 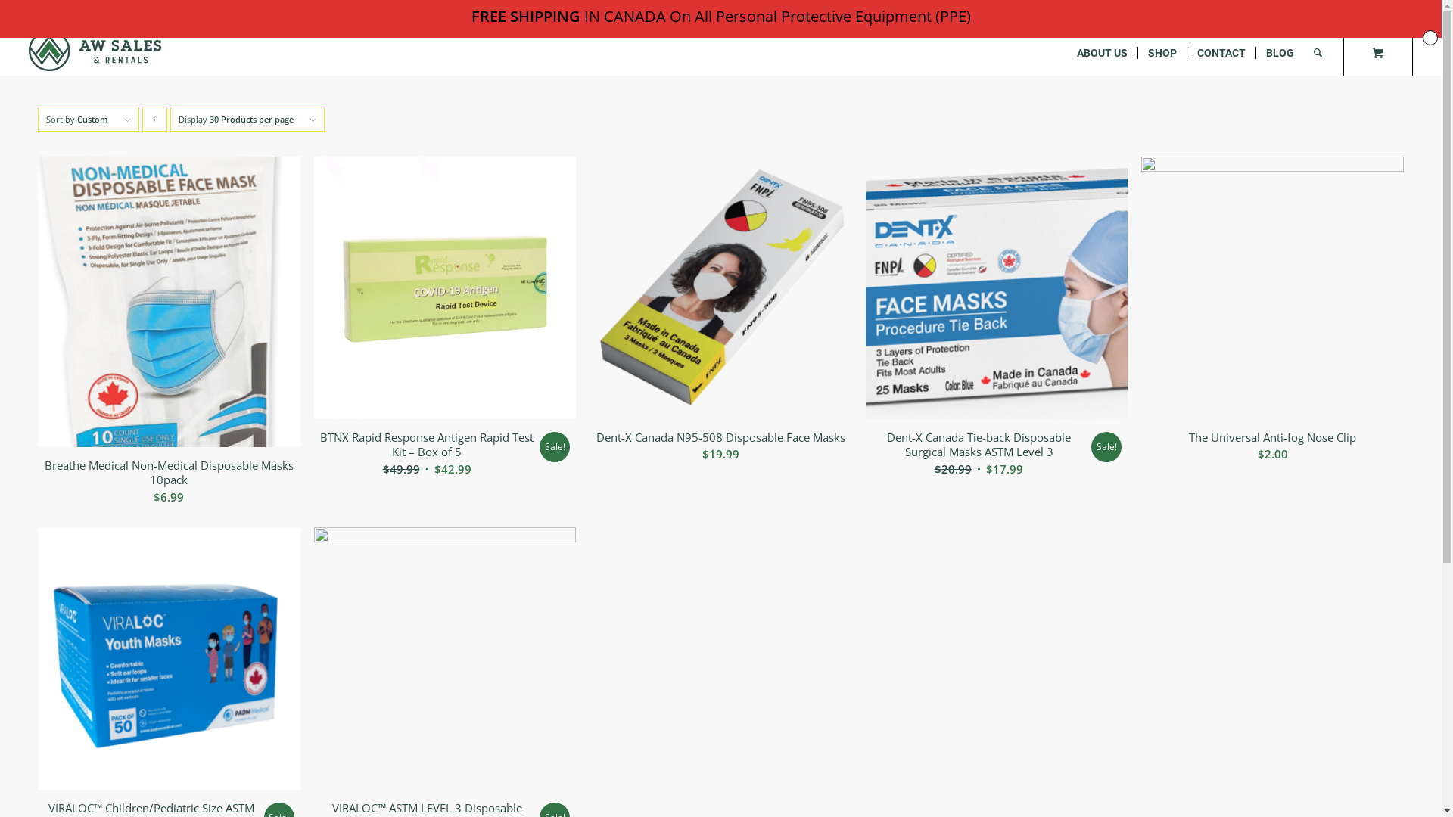 I want to click on 'SHOP', so click(x=1161, y=51).